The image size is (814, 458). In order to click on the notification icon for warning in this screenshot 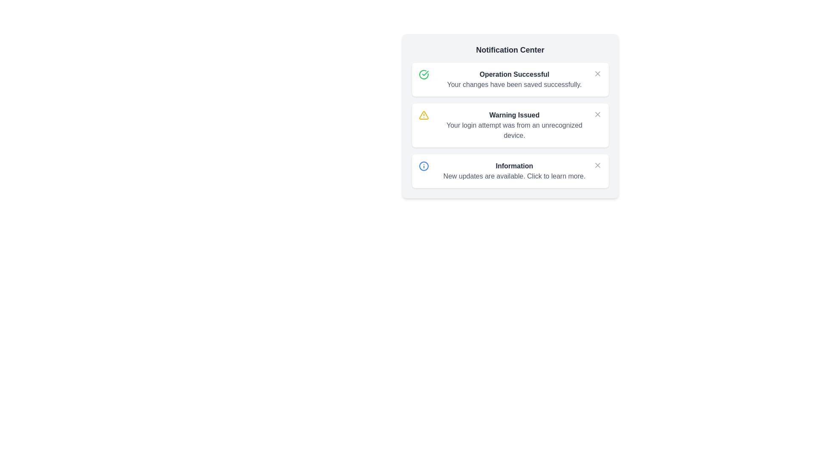, I will do `click(597, 114)`.